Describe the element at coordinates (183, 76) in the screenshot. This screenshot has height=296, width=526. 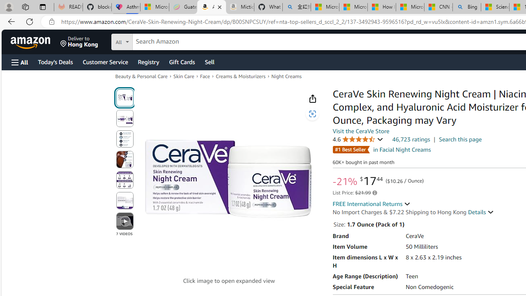
I see `'Skin Care'` at that location.